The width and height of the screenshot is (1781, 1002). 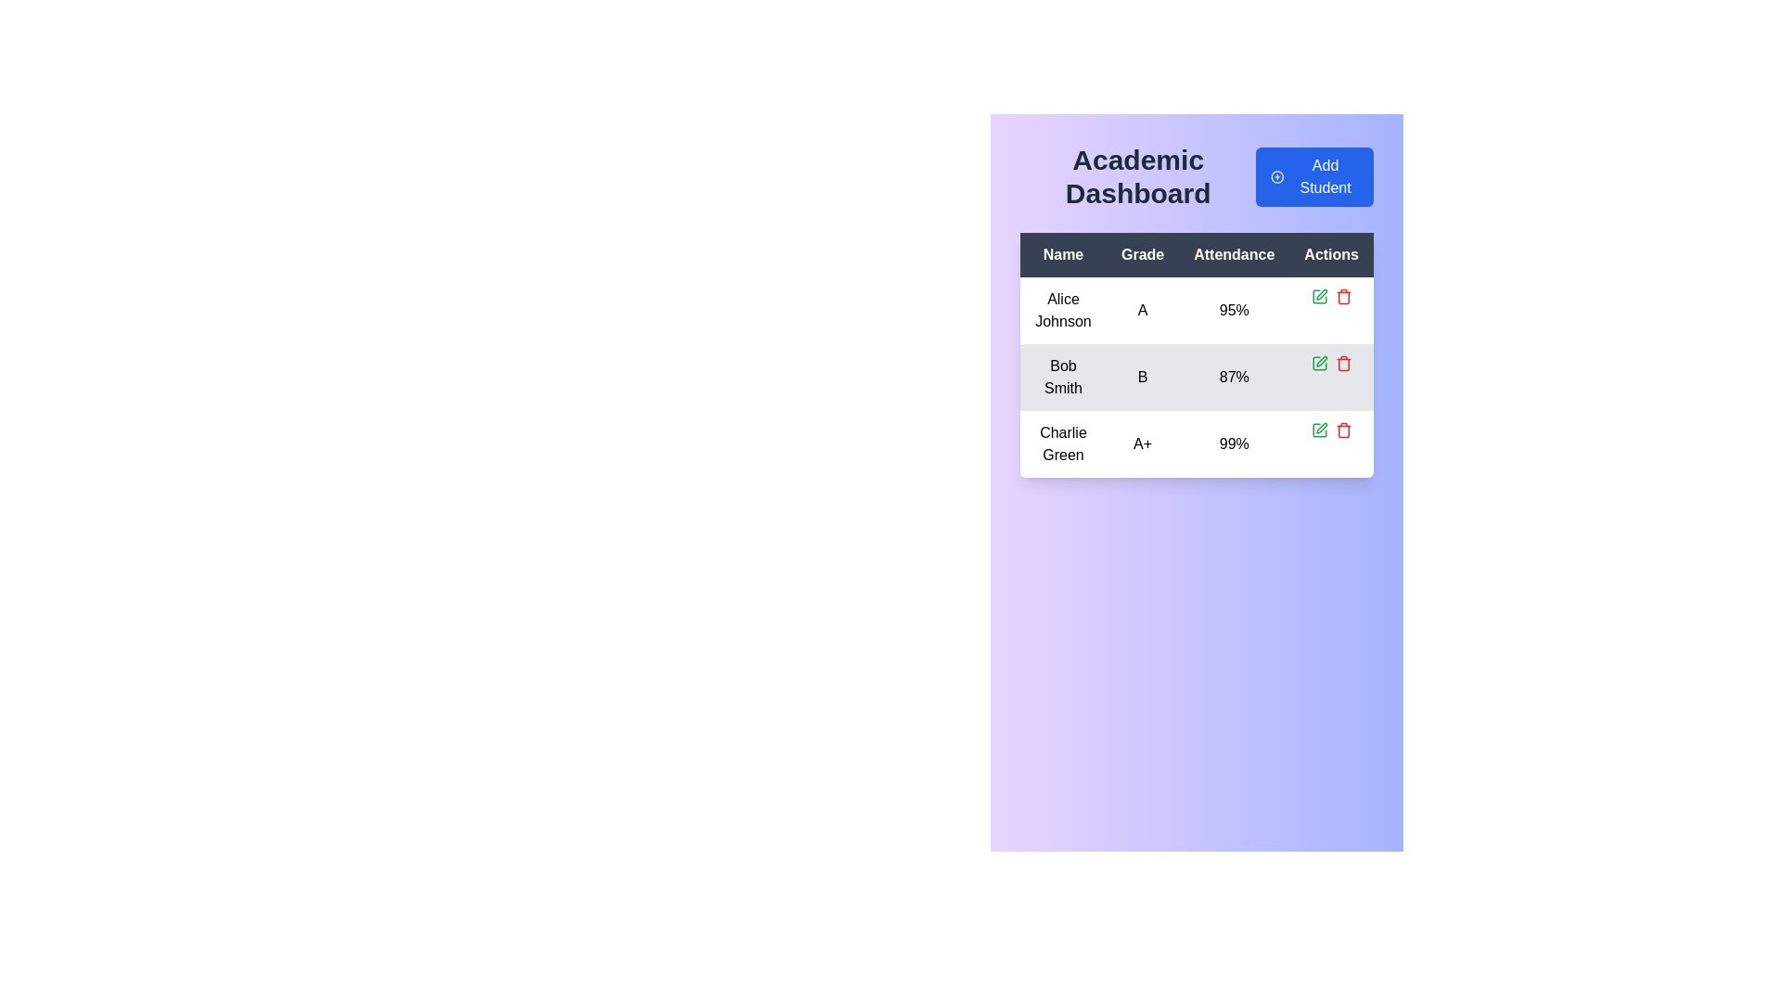 What do you see at coordinates (1276, 177) in the screenshot?
I see `the 'Add Student' button by clicking on its circular icon with a plus symbol, which is located in the top-right section of the interface` at bounding box center [1276, 177].